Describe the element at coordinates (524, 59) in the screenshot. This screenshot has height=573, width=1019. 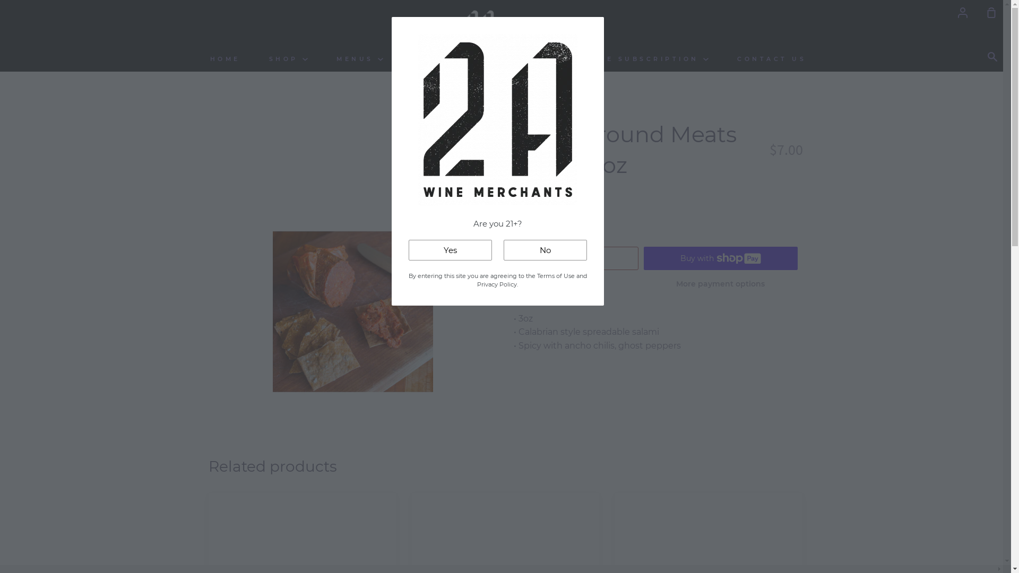
I see `'ABOUT US'` at that location.